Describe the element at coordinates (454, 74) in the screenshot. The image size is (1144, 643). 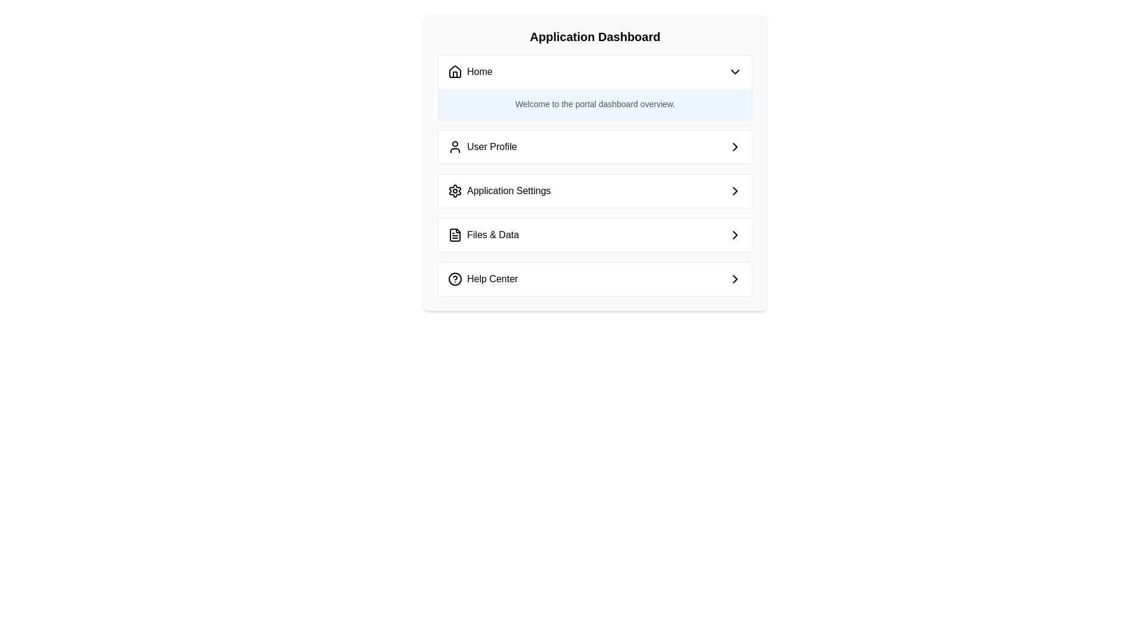
I see `the decorative 'Home' navigation vector graphic component located in the first row of the application dashboard's SVG representation` at that location.